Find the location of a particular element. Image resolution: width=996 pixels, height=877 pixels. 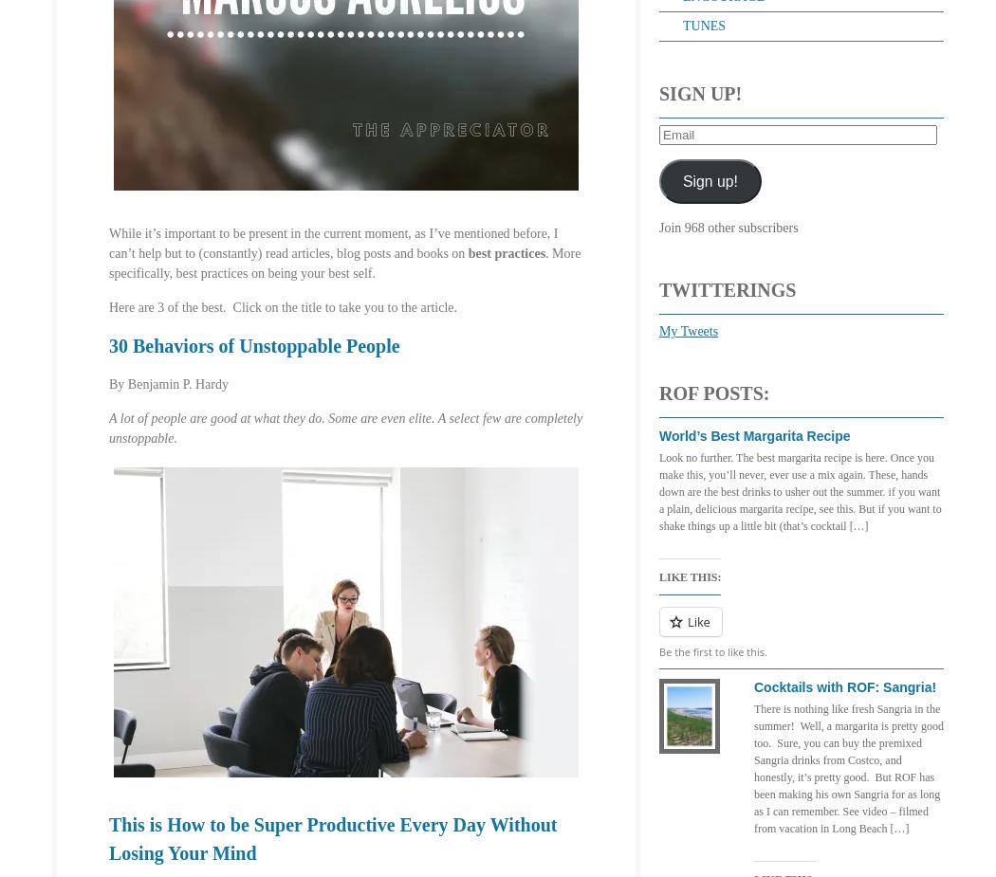

'While it’s important to be present in the current moment, as I’ve mentioned before, I can’t help but to (constantly) read articles, blog posts and books on' is located at coordinates (107, 242).